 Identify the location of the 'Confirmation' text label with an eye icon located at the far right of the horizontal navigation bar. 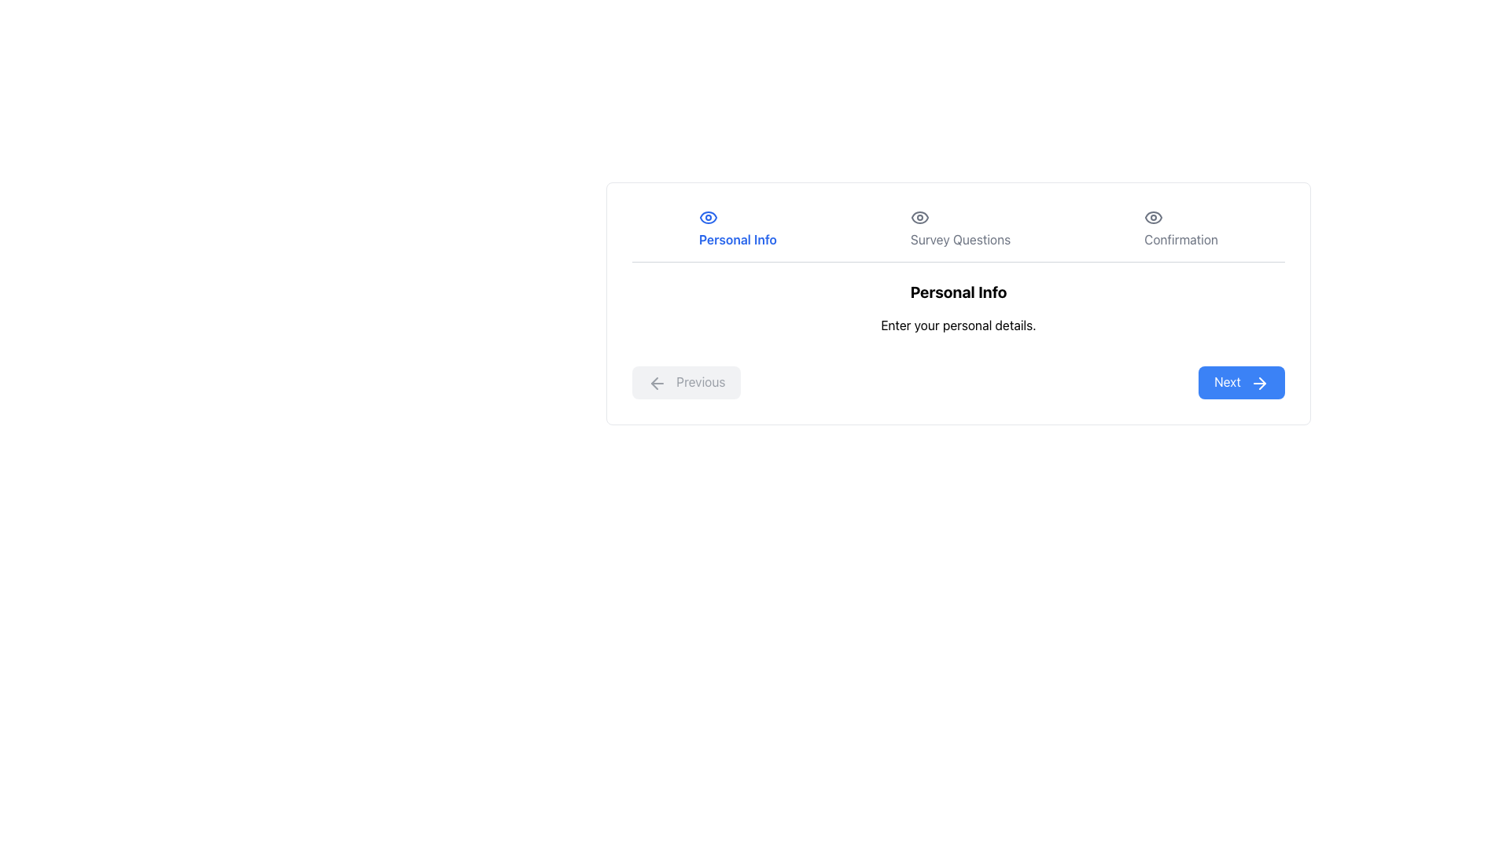
(1181, 228).